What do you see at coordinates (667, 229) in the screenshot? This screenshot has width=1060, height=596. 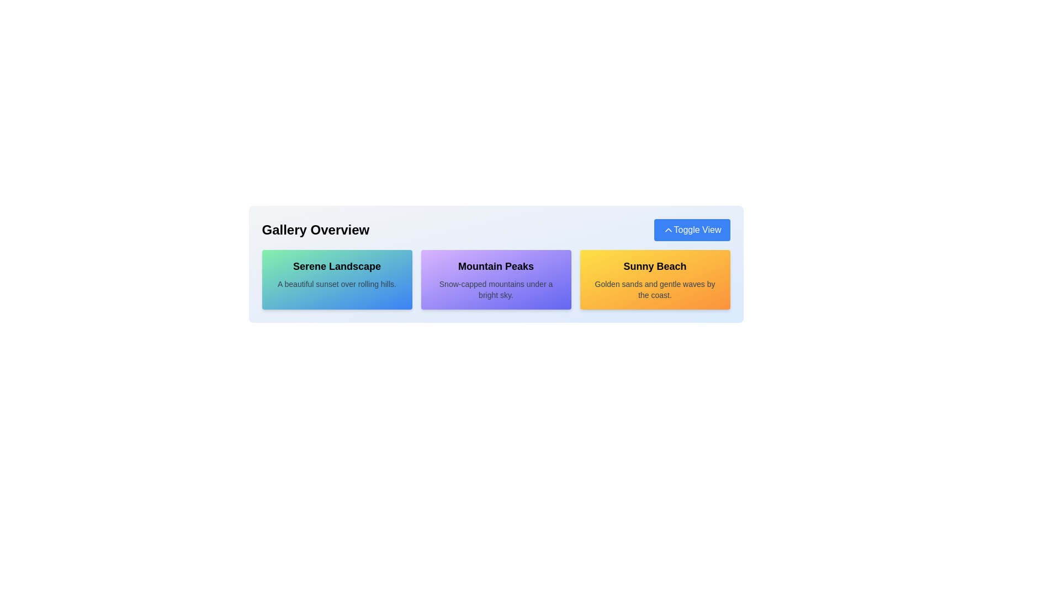 I see `the chevron icon located within the 'Toggle View' button` at bounding box center [667, 229].